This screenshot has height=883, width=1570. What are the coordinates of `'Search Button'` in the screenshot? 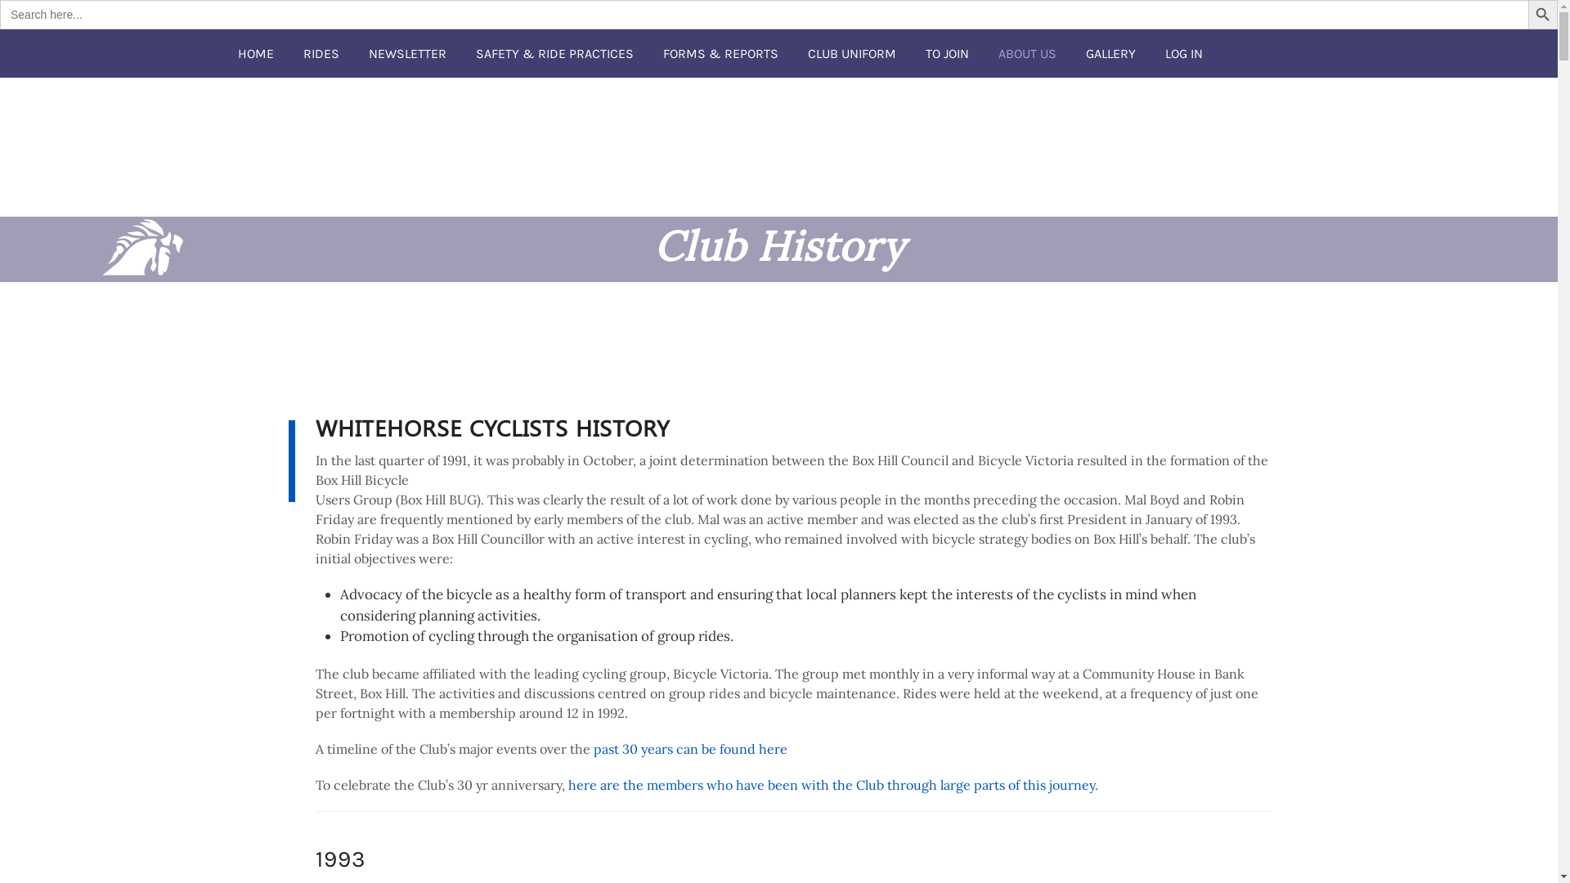 It's located at (1541, 15).